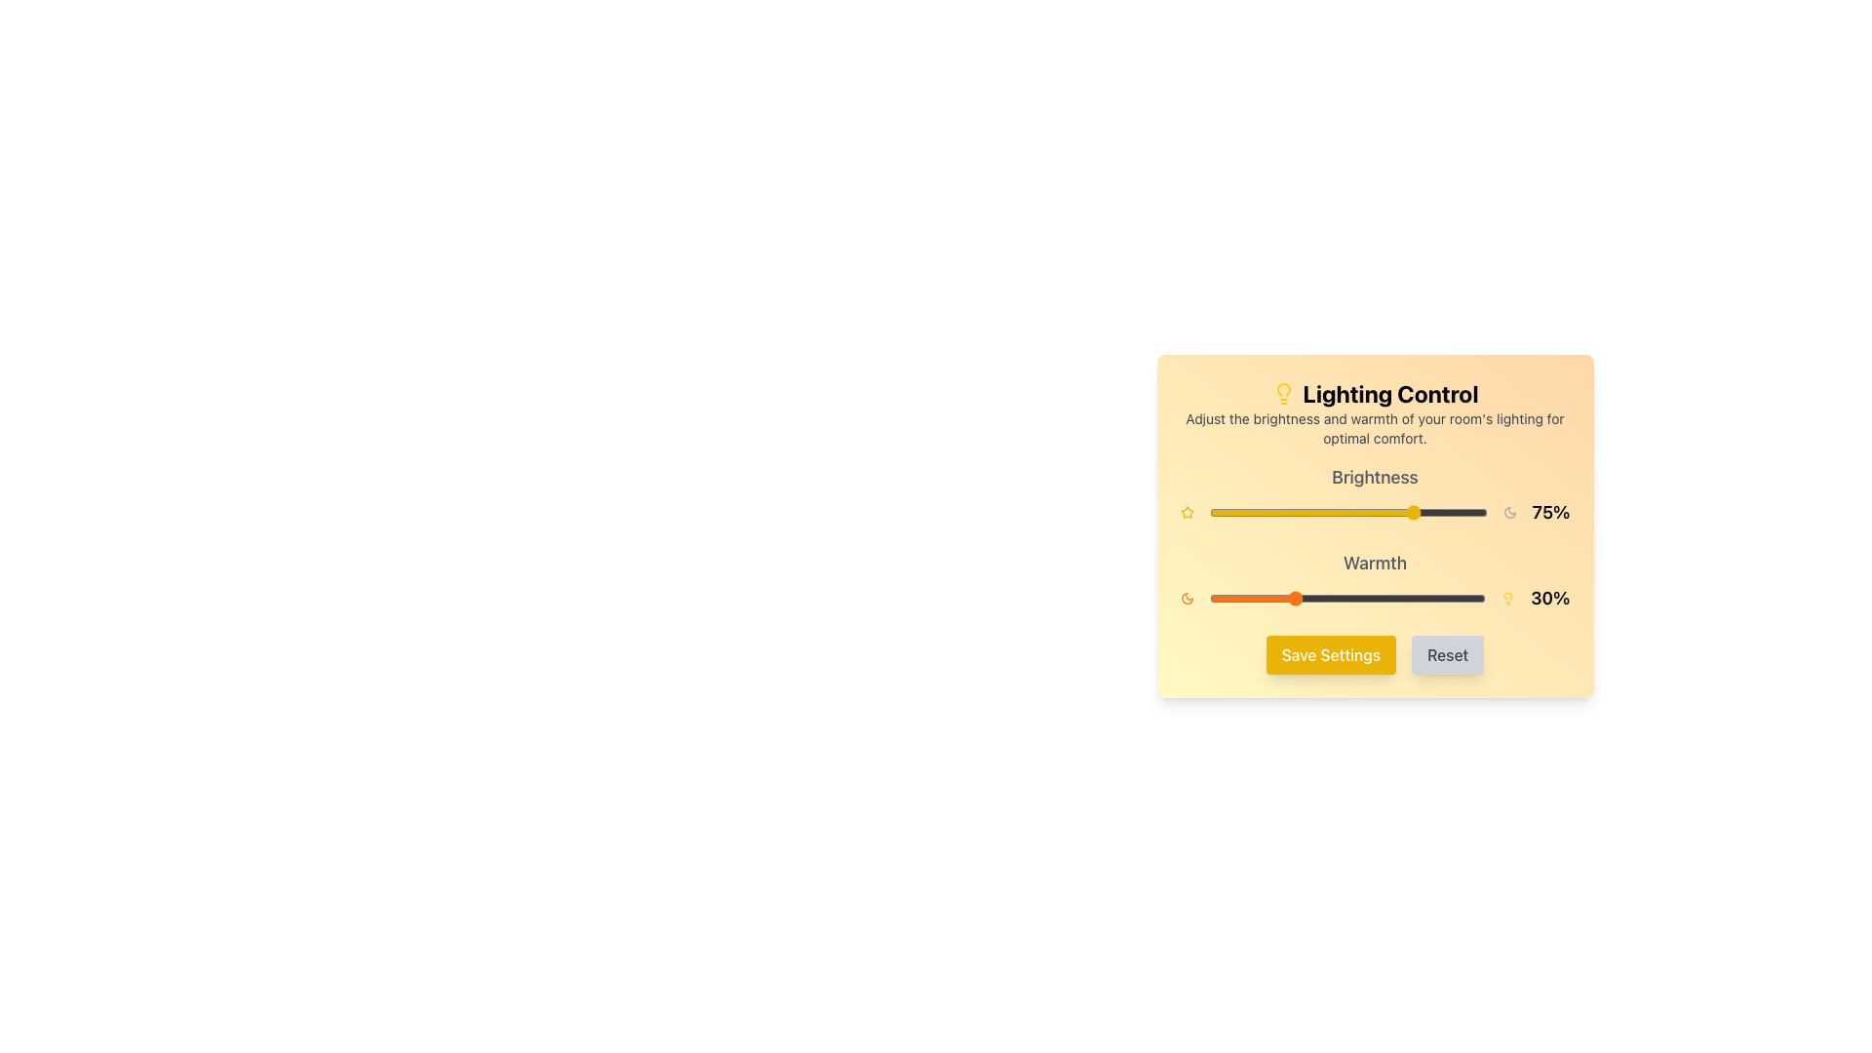 This screenshot has height=1053, width=1872. I want to click on warmth, so click(1433, 597).